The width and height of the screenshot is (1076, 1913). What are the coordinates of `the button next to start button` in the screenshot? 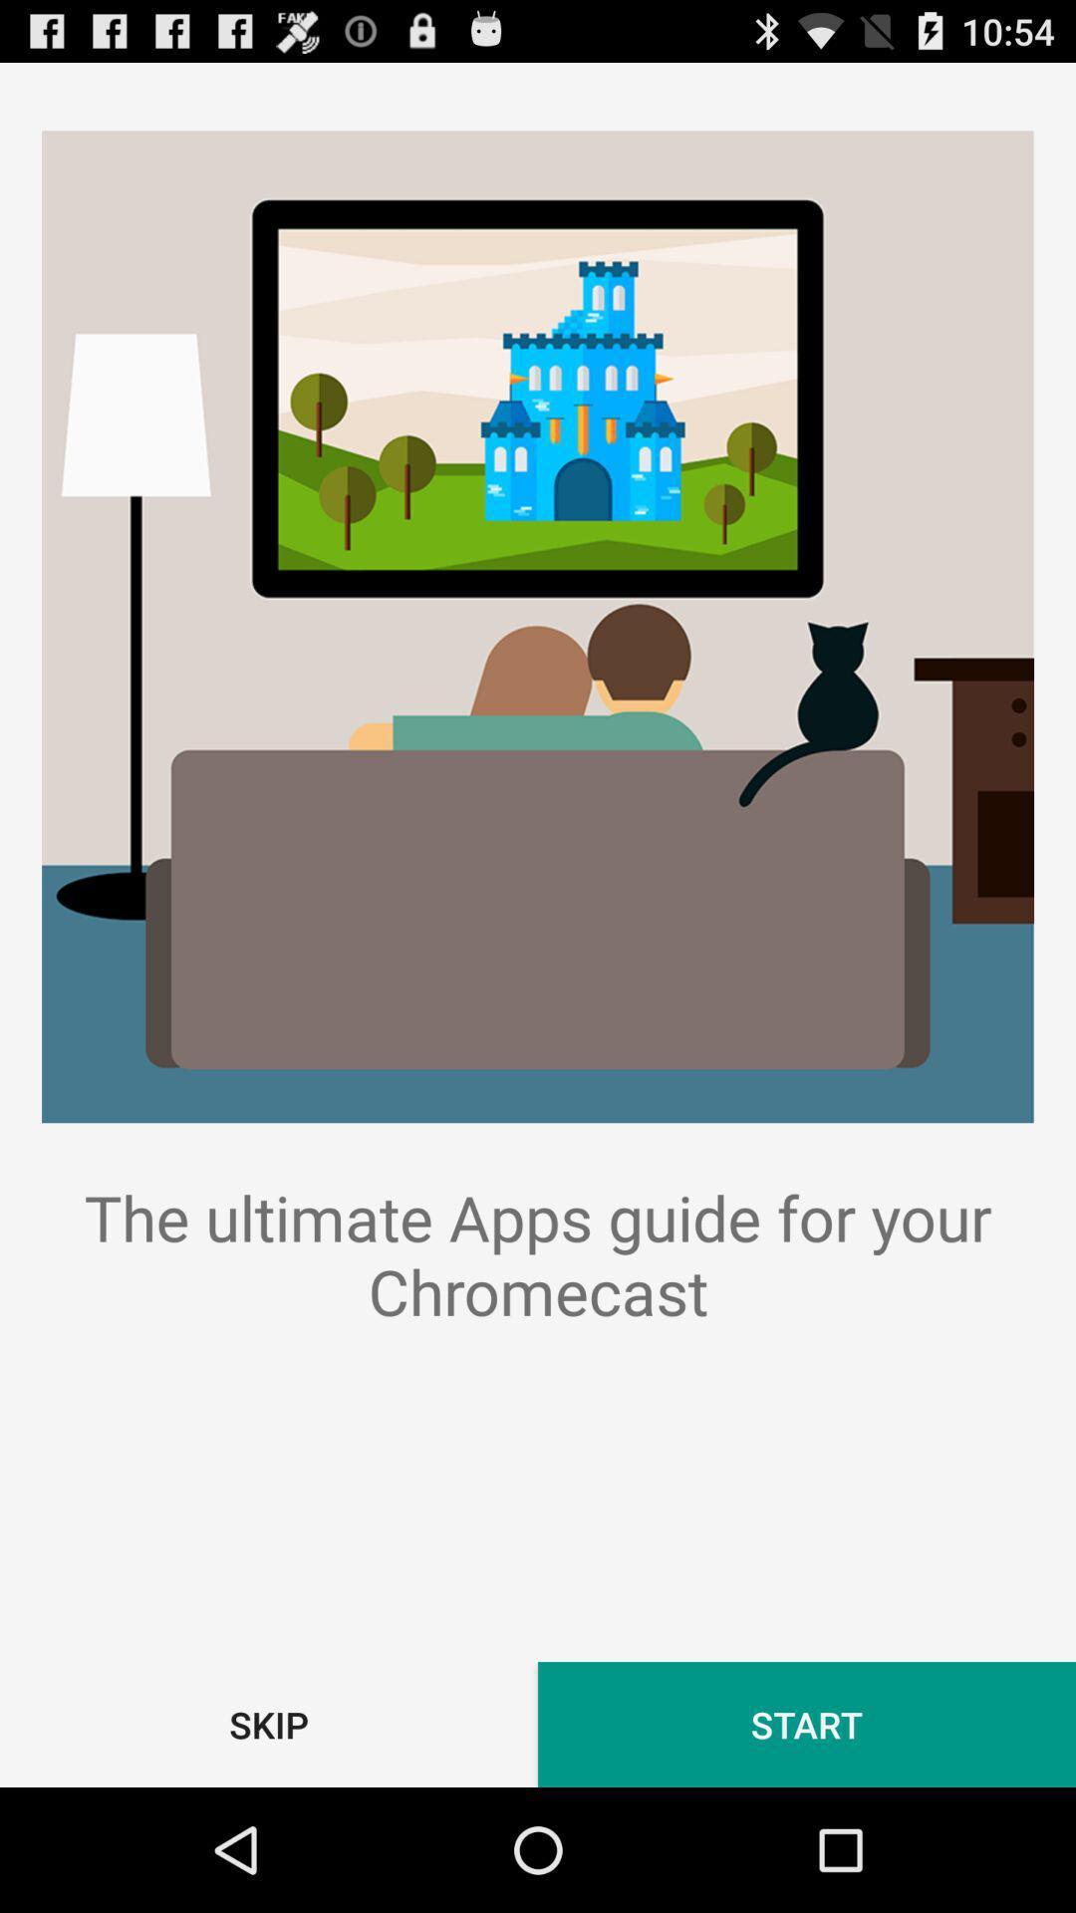 It's located at (269, 1724).